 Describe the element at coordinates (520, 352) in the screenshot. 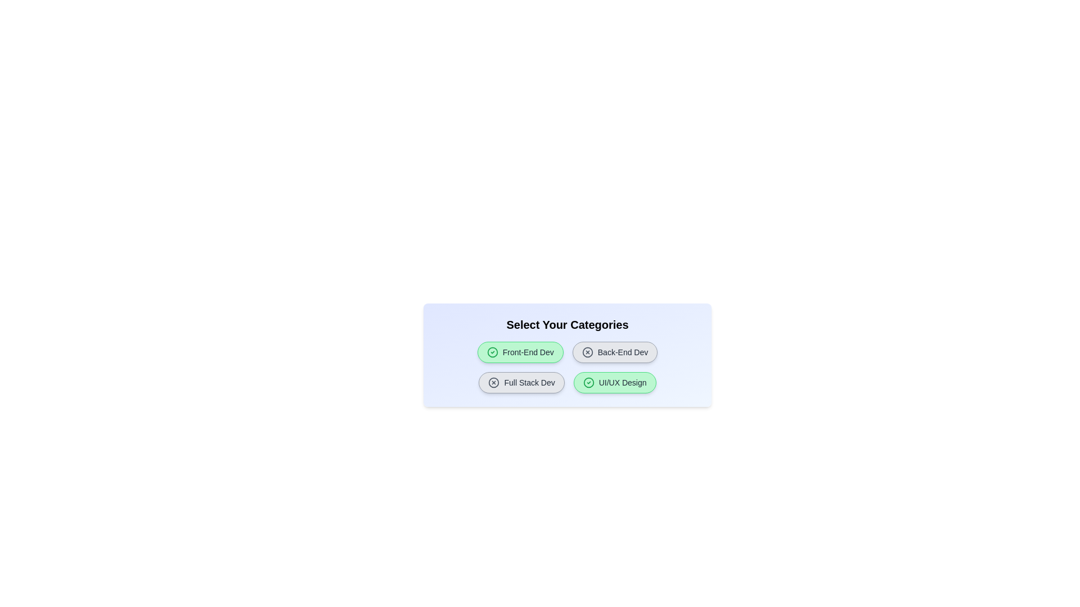

I see `the category chip labeled 'Front-End Dev' by clicking on it` at that location.